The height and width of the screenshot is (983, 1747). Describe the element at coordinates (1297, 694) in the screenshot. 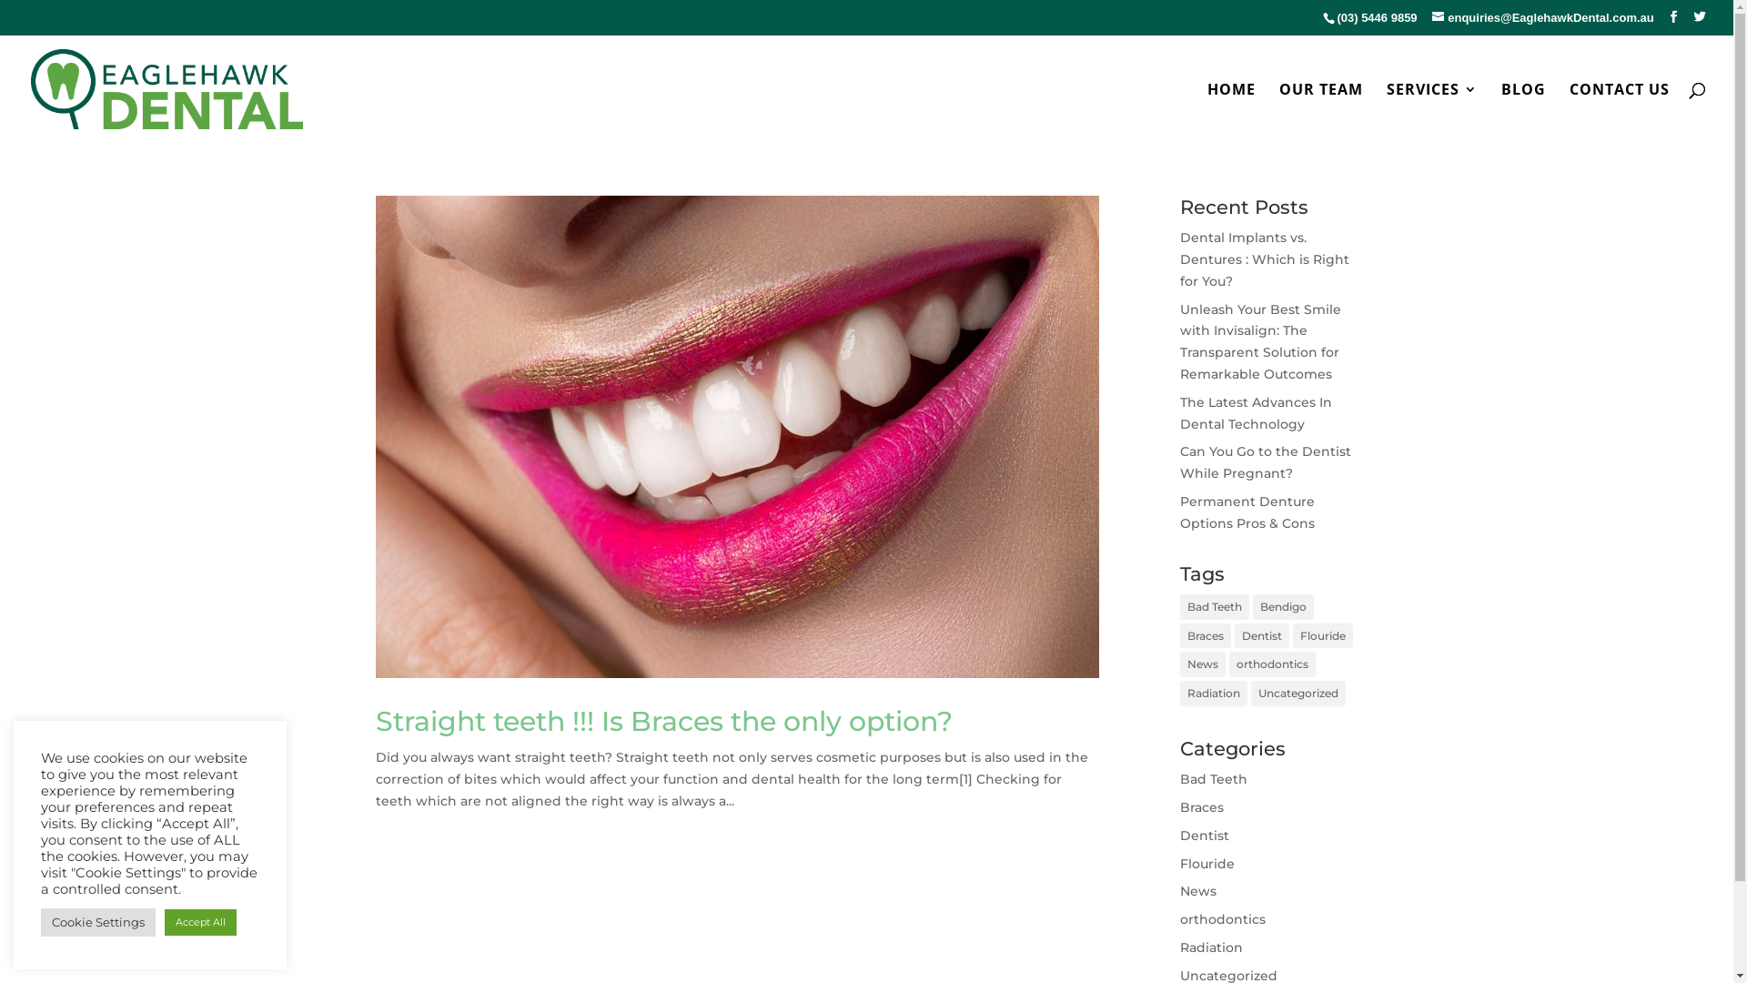

I see `'Uncategorized'` at that location.